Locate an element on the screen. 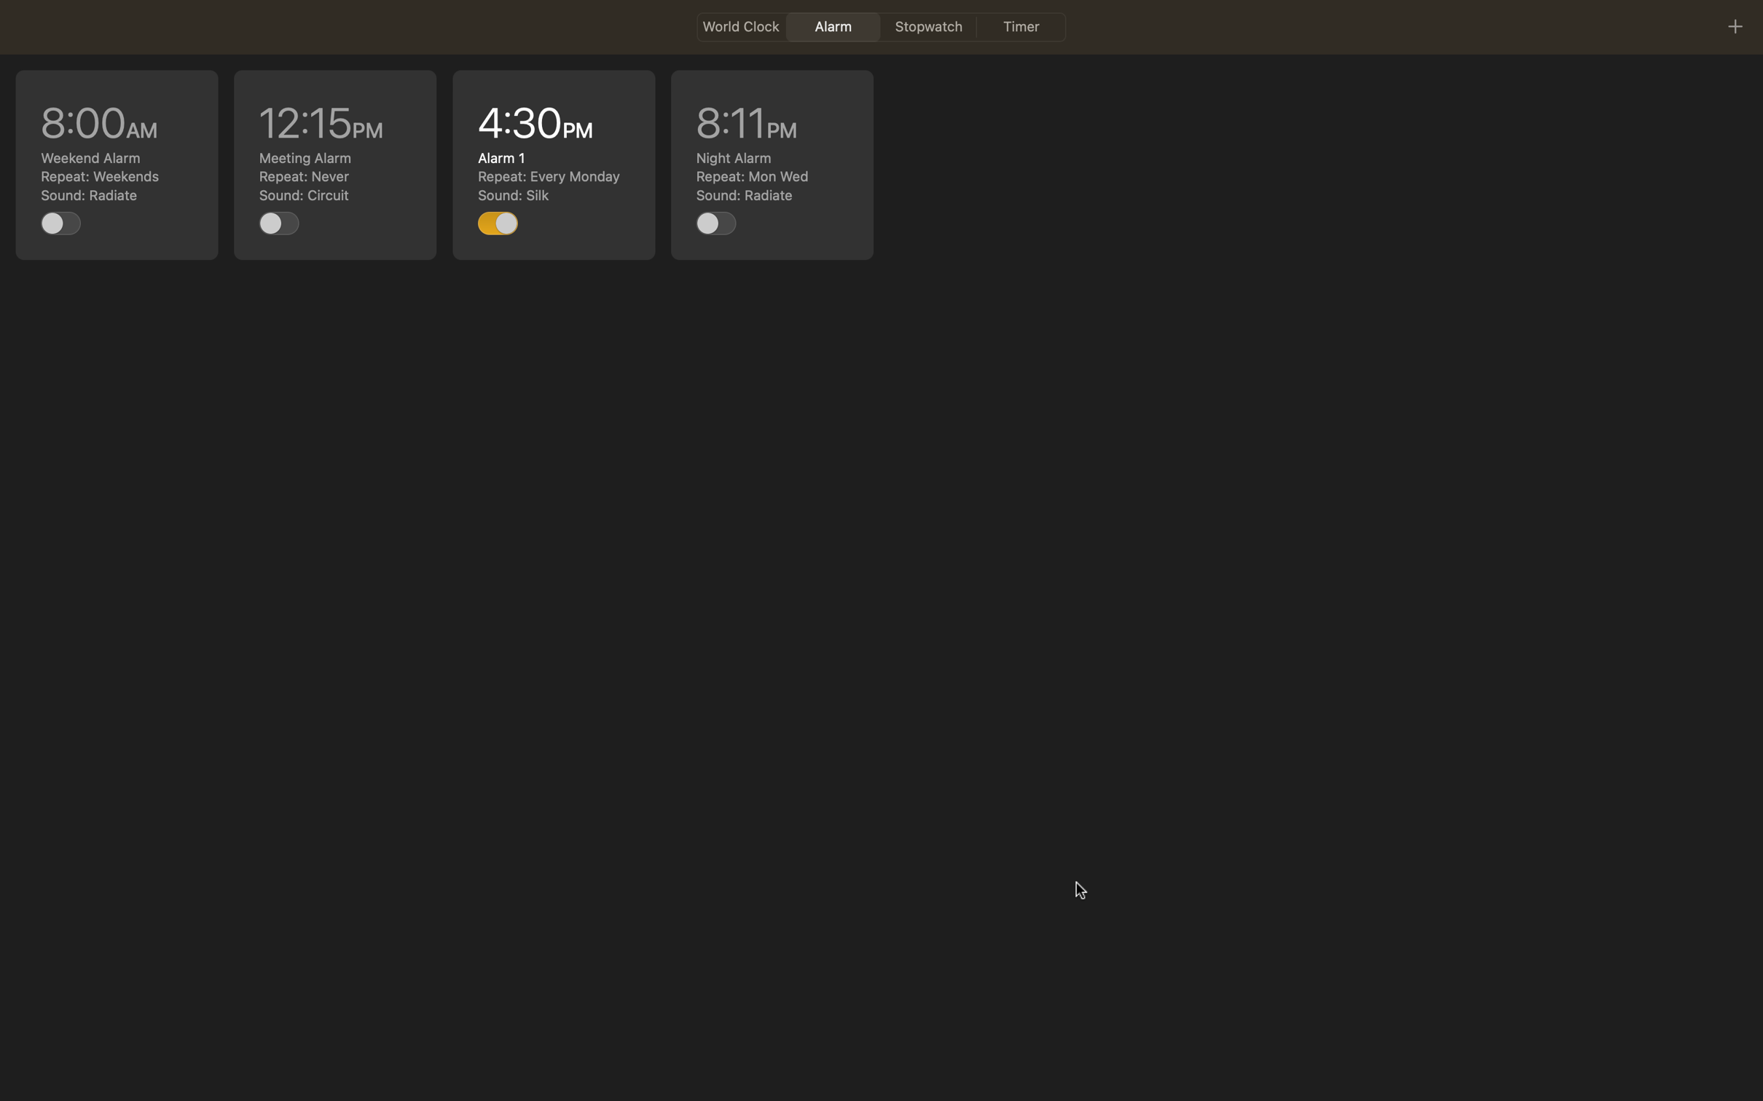 The height and width of the screenshot is (1101, 1763). Update the 8pm alarm arrangement is located at coordinates (771, 165).